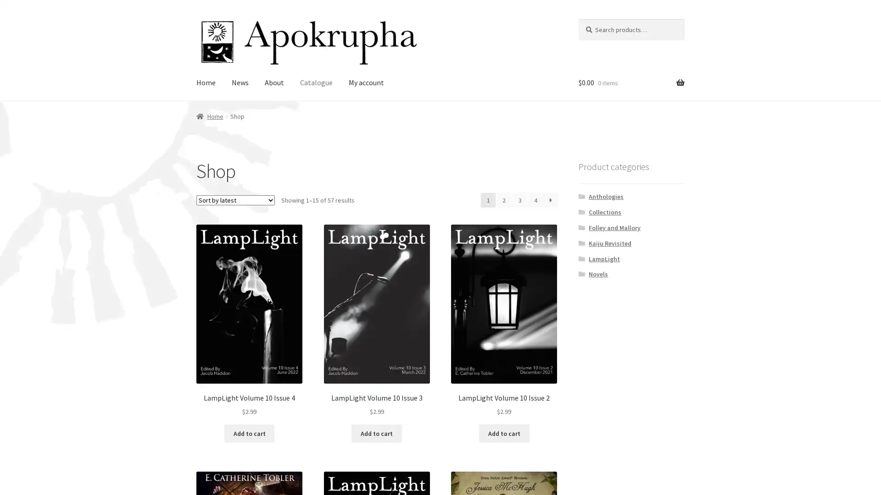  I want to click on Search, so click(577, 18).